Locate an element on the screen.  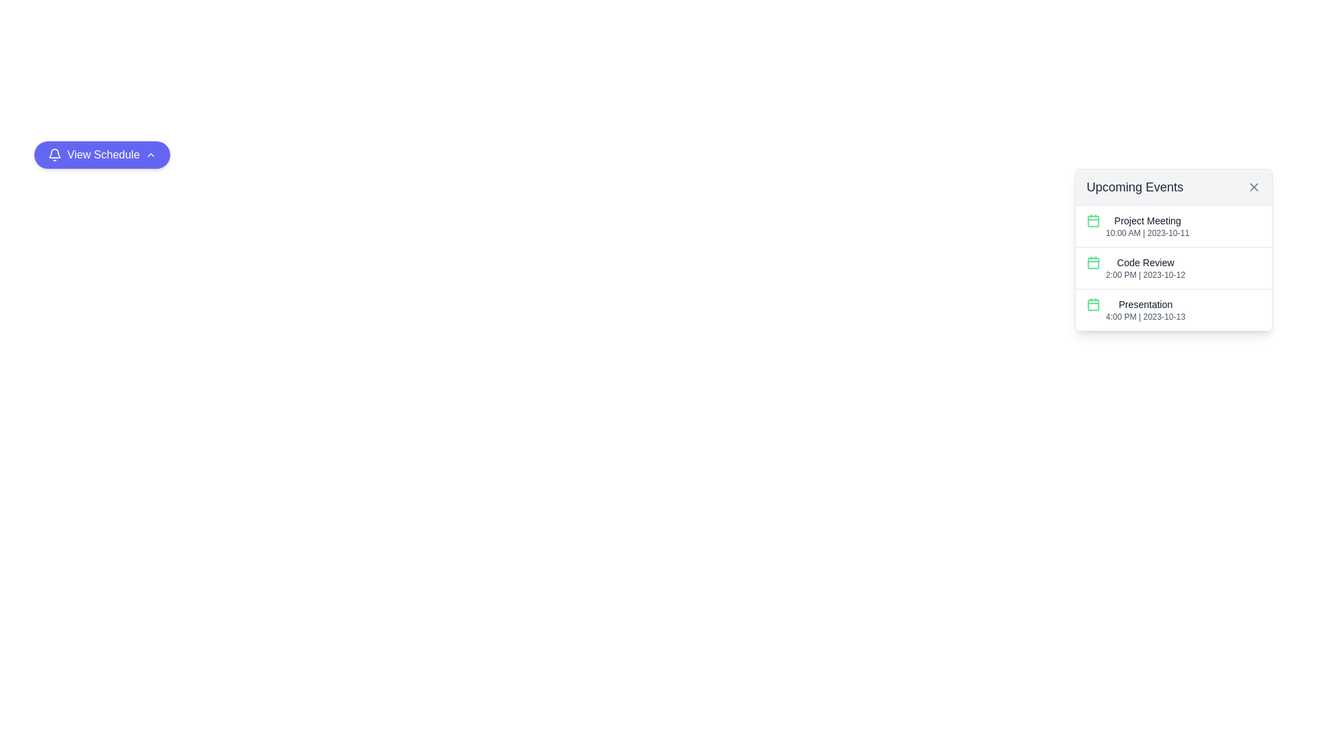
the icon representing the 'Presentation' event, located to the left of the 'Presentation' text in the 'Upcoming Events' panel is located at coordinates (1093, 303).